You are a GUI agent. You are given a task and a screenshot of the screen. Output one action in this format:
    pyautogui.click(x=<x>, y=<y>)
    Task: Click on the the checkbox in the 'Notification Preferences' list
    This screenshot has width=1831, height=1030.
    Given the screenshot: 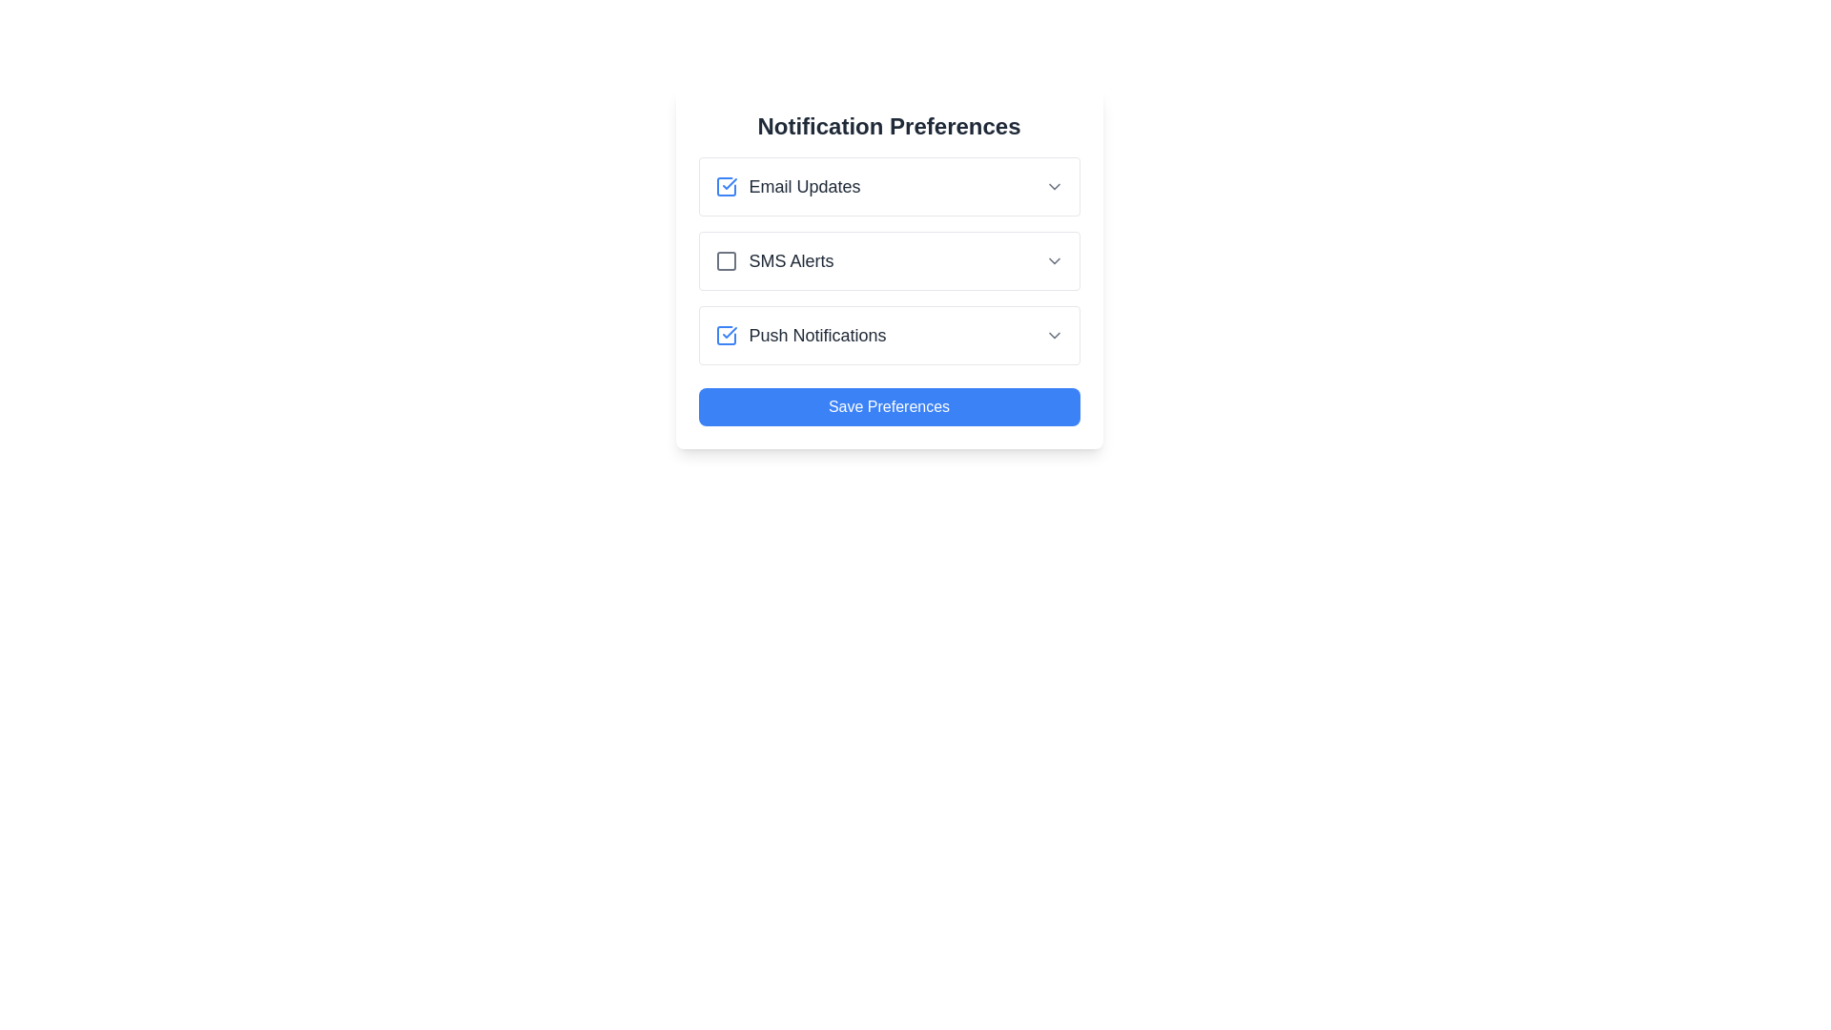 What is the action you would take?
    pyautogui.click(x=888, y=334)
    